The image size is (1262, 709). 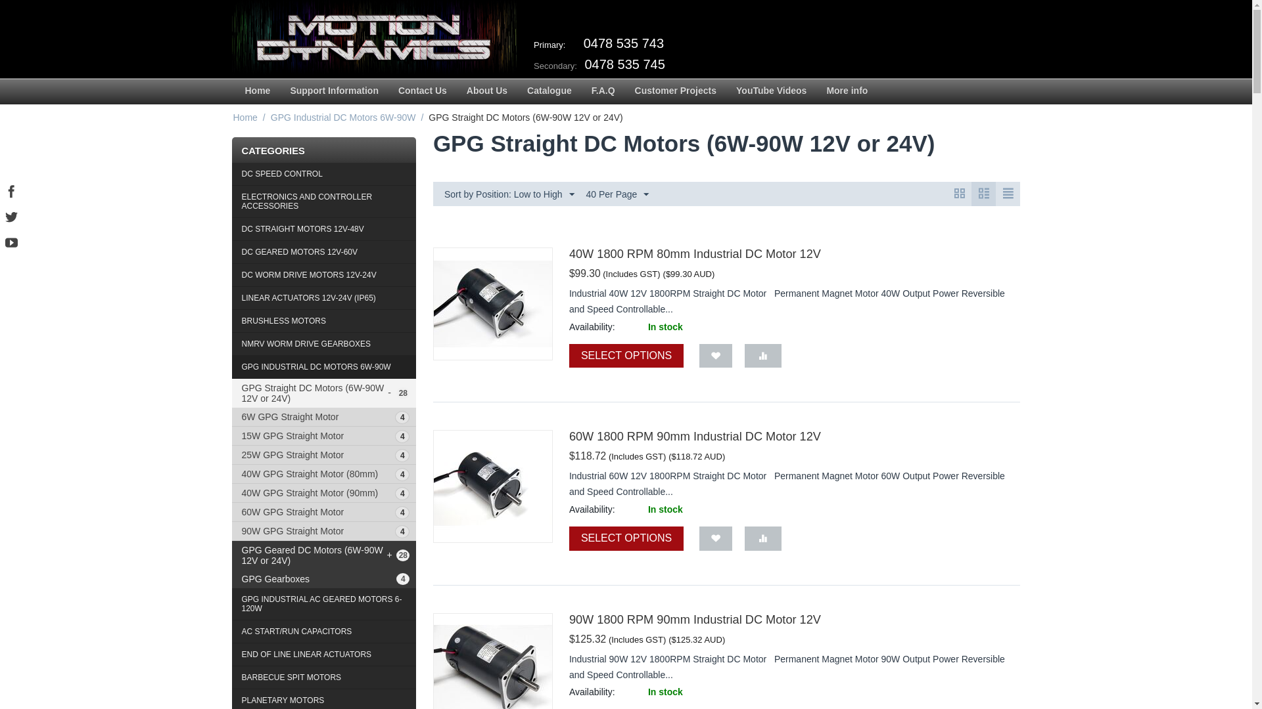 I want to click on 'Support Information', so click(x=334, y=91).